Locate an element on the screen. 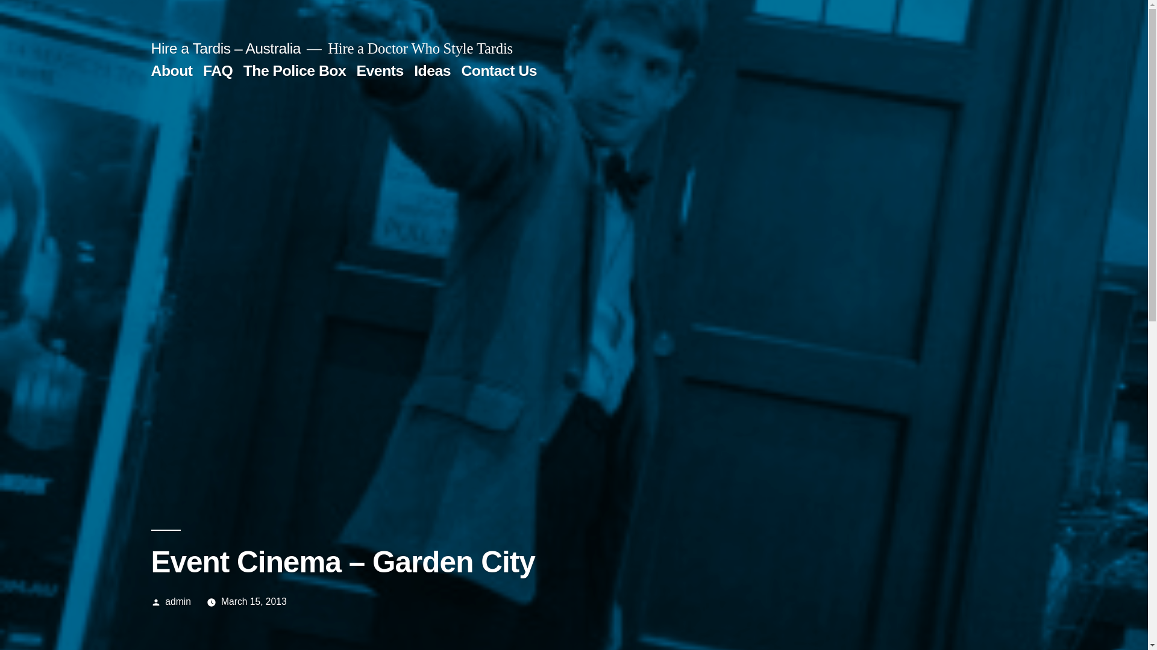 This screenshot has height=650, width=1157. 'March 15, 2013' is located at coordinates (253, 601).